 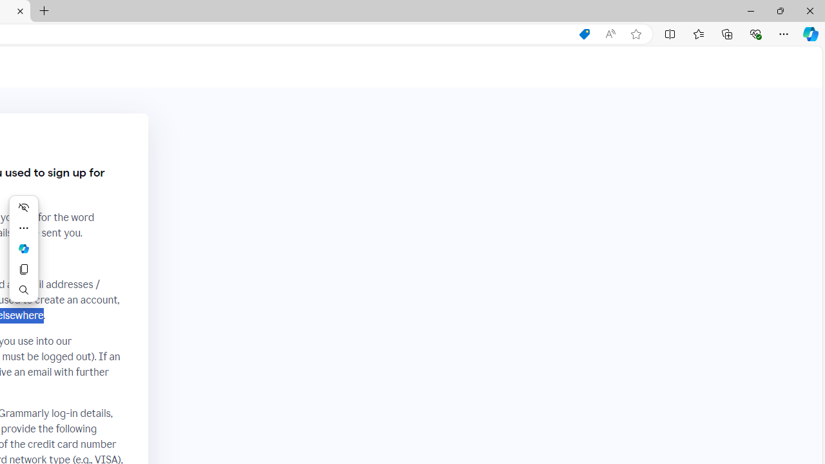 What do you see at coordinates (24, 248) in the screenshot?
I see `'Ask Copilot'` at bounding box center [24, 248].